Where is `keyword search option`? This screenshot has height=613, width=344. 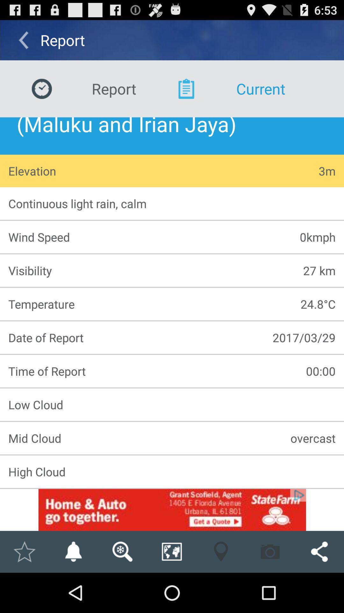 keyword search option is located at coordinates (122, 551).